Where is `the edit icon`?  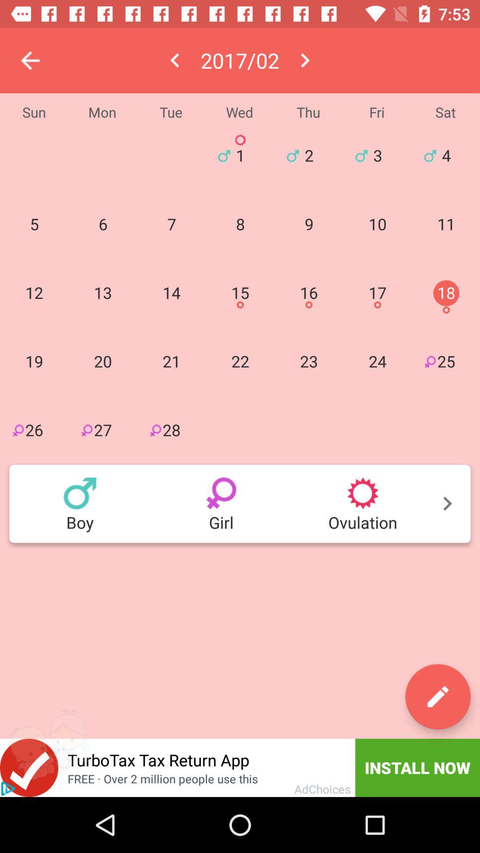
the edit icon is located at coordinates (437, 696).